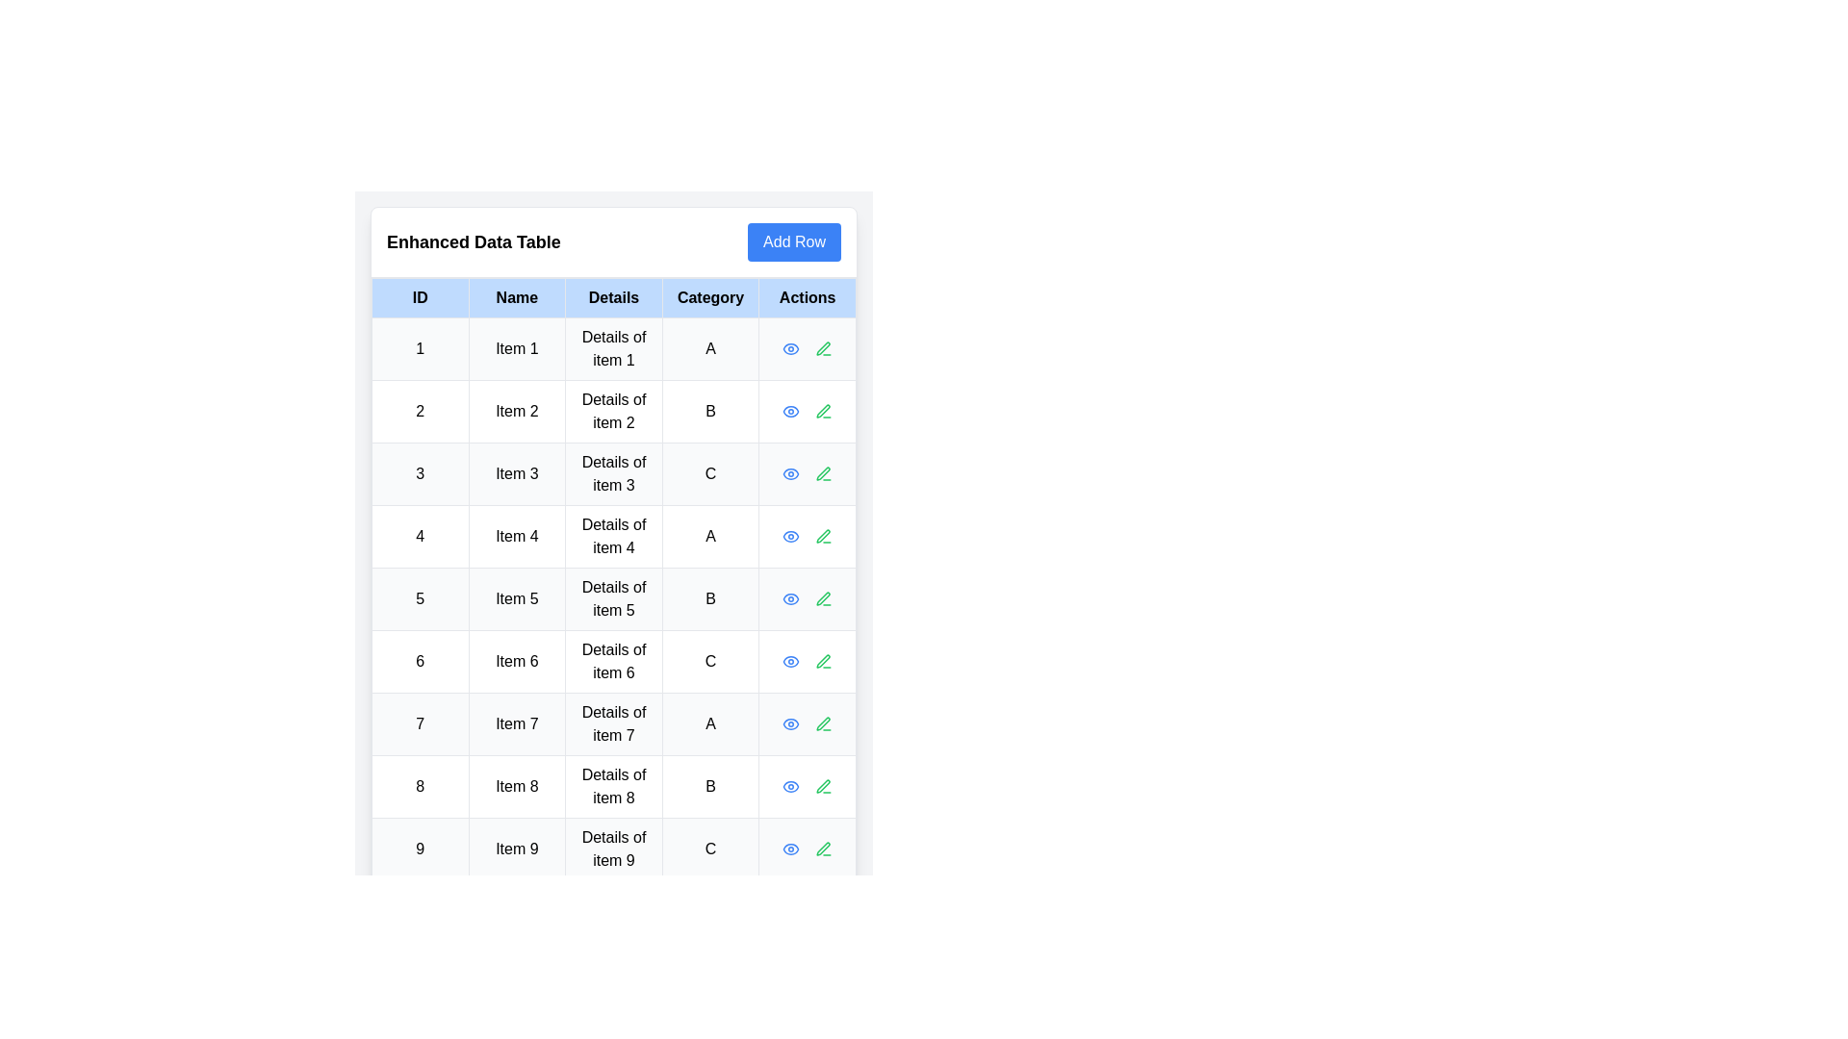 The image size is (1848, 1039). Describe the element at coordinates (824, 598) in the screenshot. I see `the green pen icon located` at that location.